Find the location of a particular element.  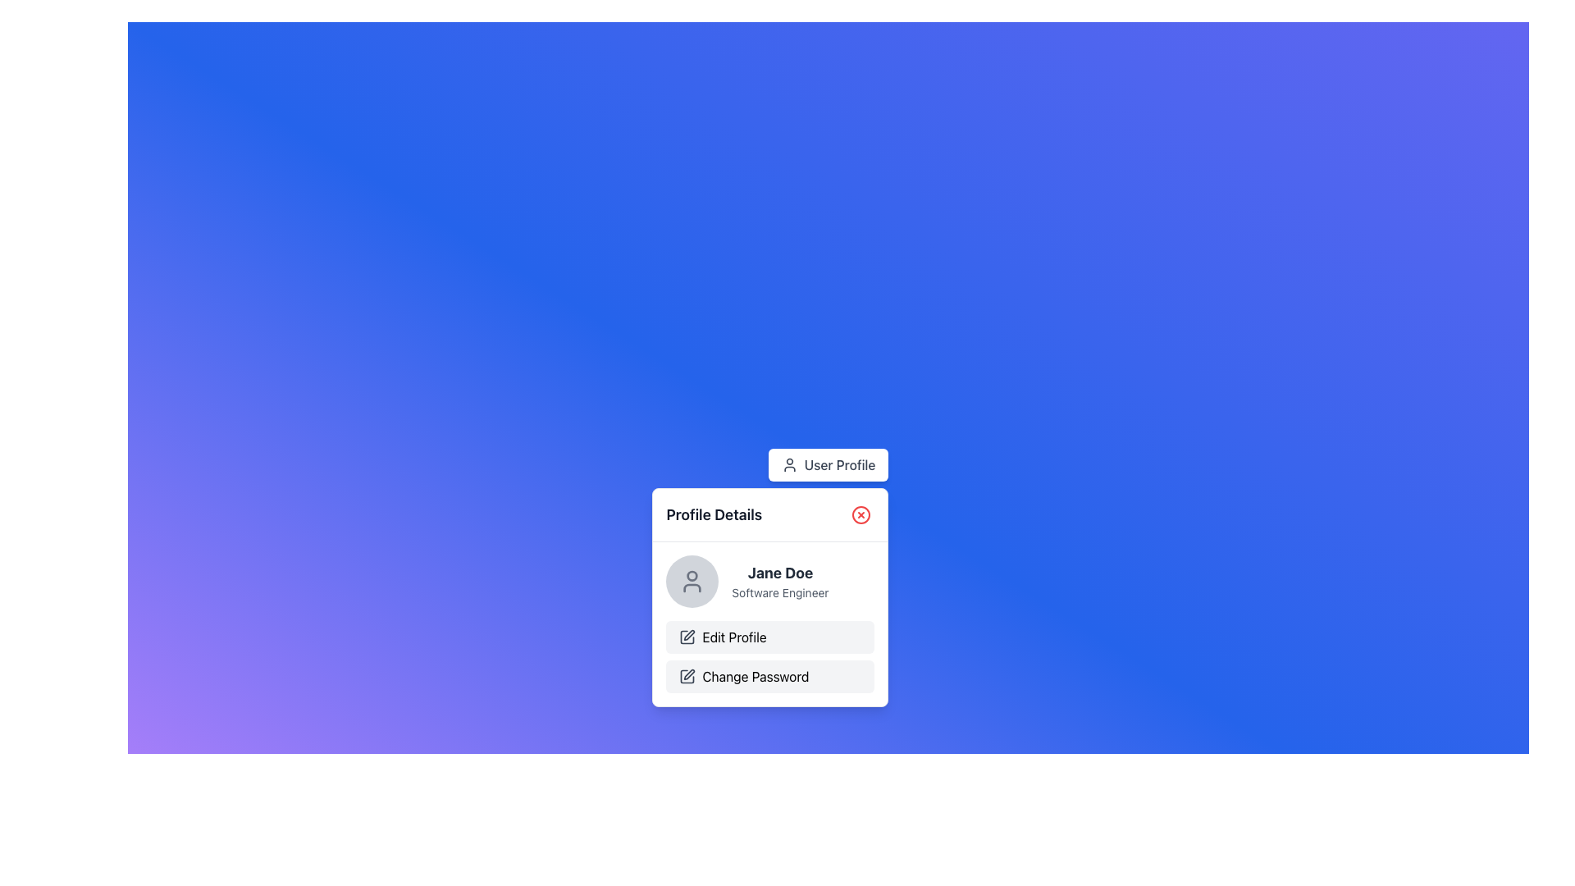

the upper circular section of the user profile icon, which represents the head portion in a minimalistic human figure depiction is located at coordinates (692, 575).